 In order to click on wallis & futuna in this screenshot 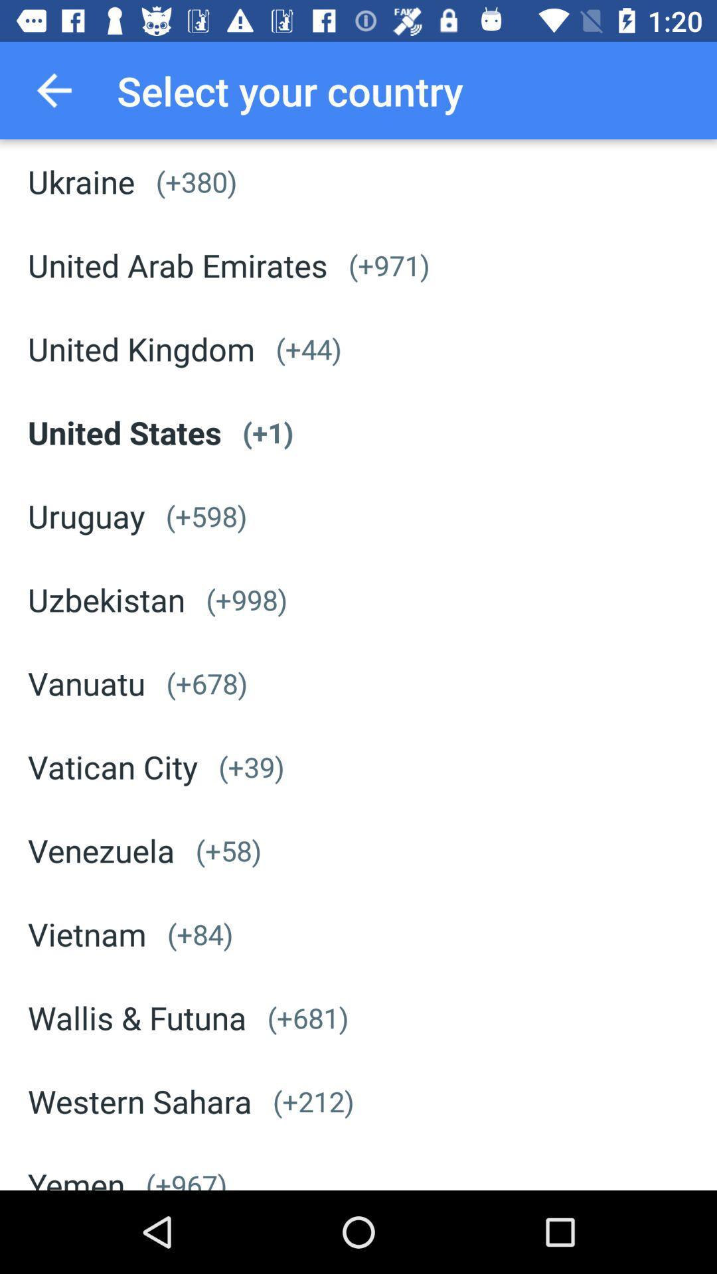, I will do `click(137, 1017)`.